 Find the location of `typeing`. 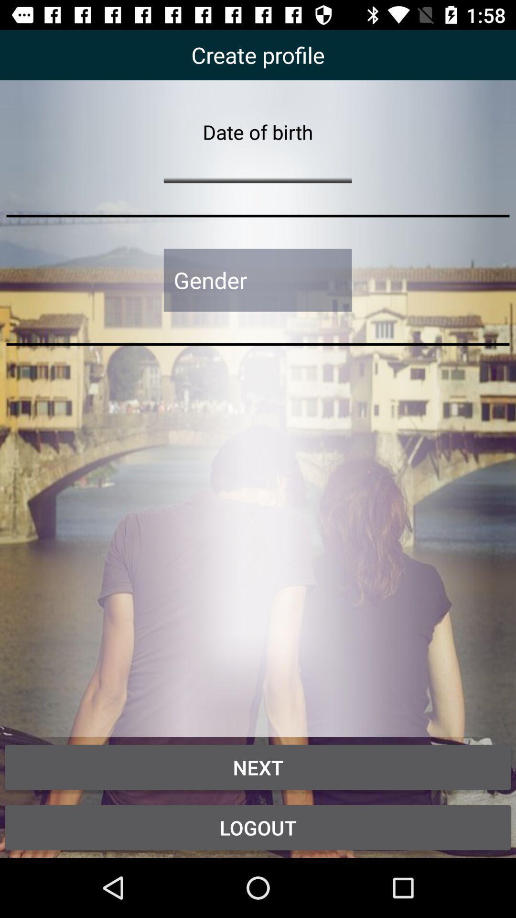

typeing is located at coordinates (257, 164).